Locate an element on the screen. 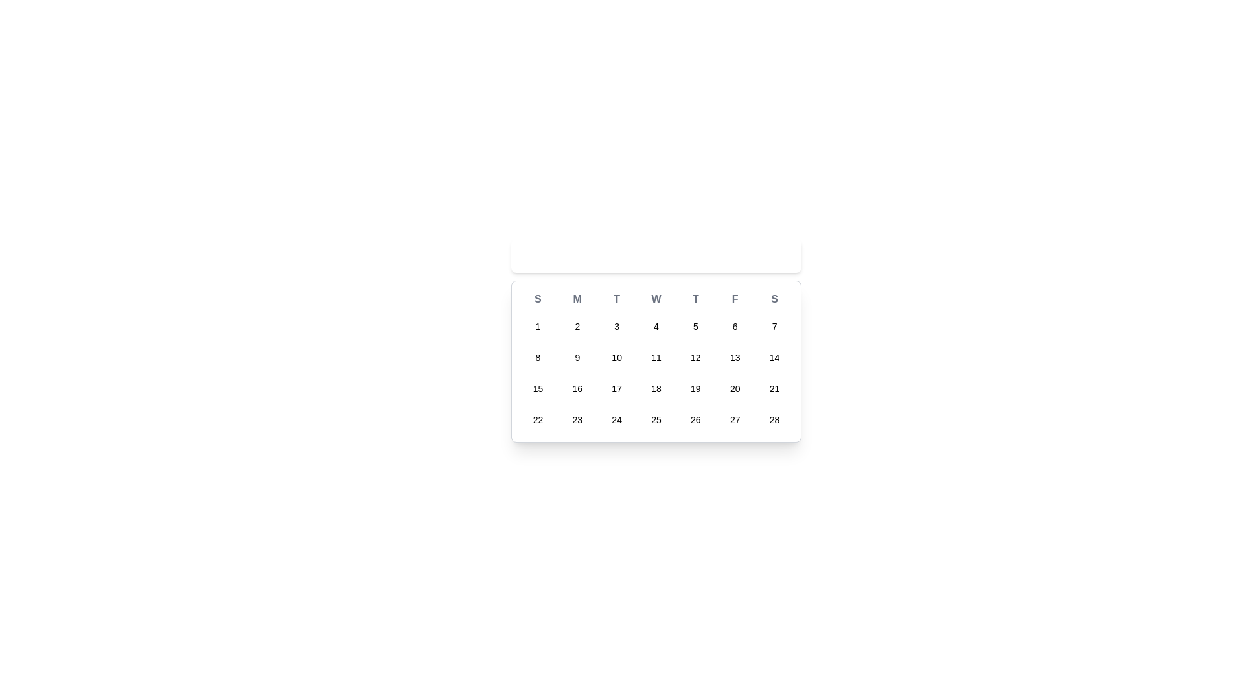 Image resolution: width=1244 pixels, height=700 pixels. the white rounded rectangular button labeled '16' in the fourth row and second column of the calendar grid is located at coordinates (577, 388).